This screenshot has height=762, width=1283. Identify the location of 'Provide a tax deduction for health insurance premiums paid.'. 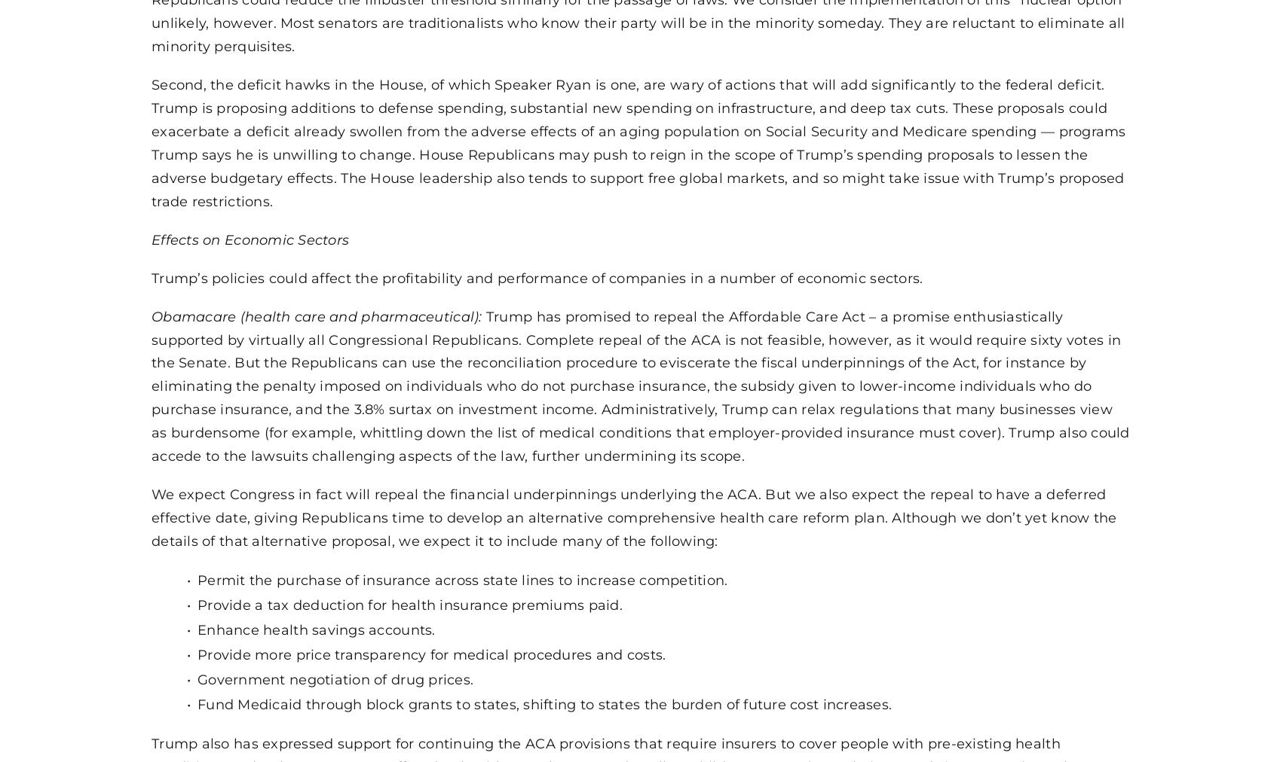
(409, 604).